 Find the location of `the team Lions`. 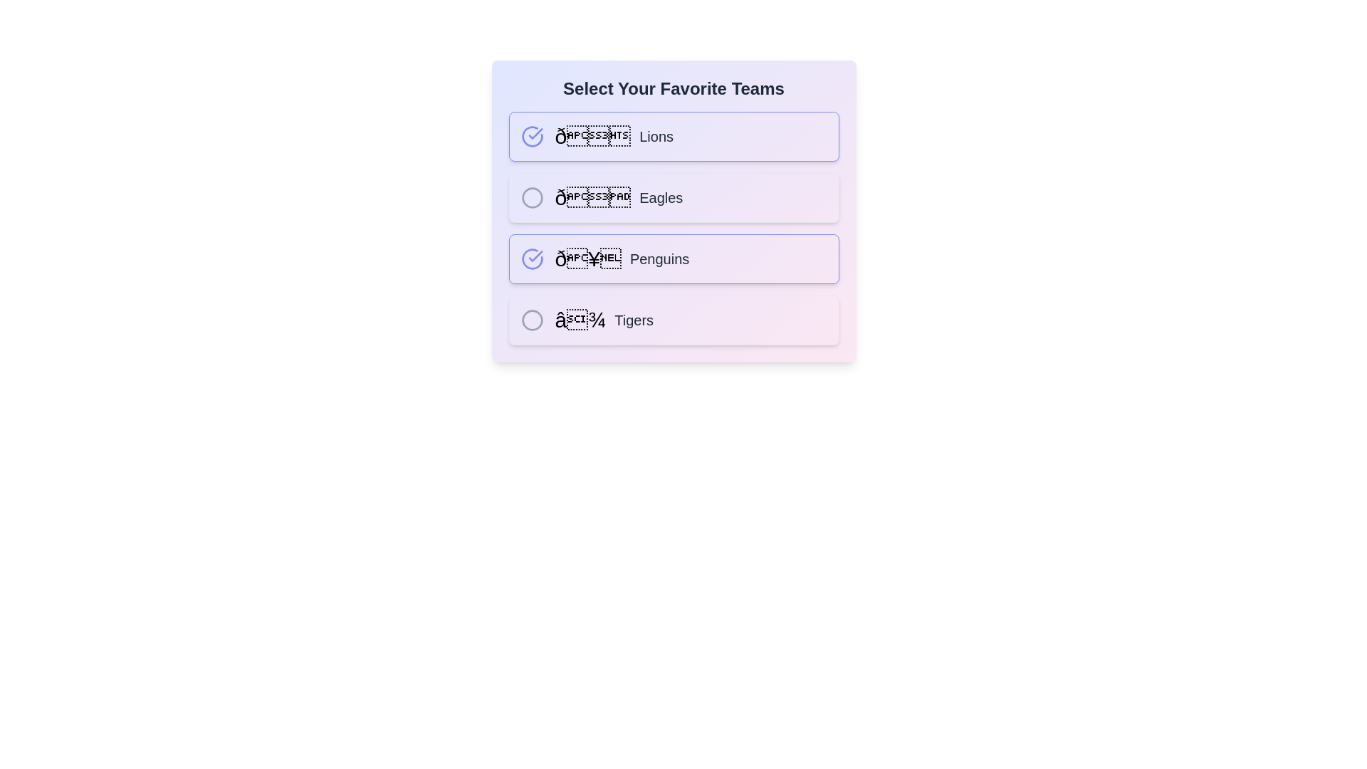

the team Lions is located at coordinates (531, 137).